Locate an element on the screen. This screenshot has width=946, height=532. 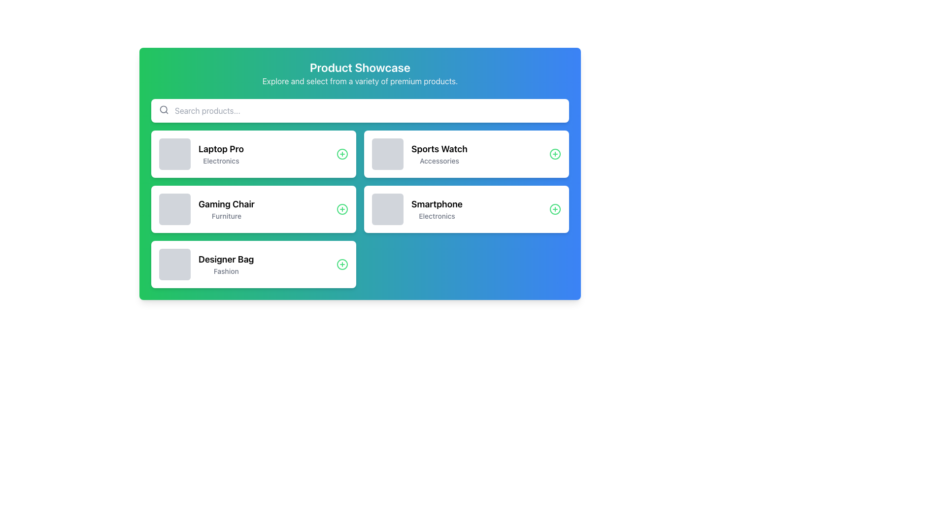
the green circular outline of the '+' icon located at the top-left cell of the products grid layout, which is associated with the 'Laptop Pro' product entry is located at coordinates (342, 154).